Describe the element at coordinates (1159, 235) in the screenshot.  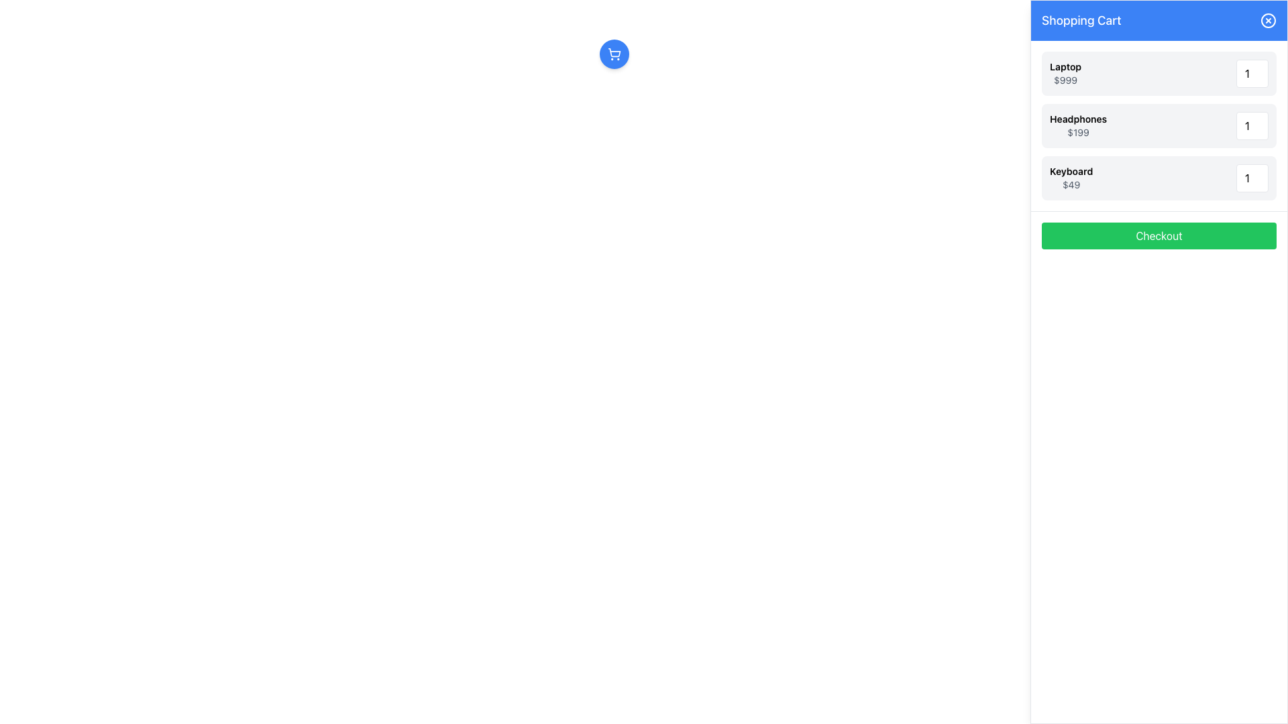
I see `the checkout button located at the bottom of the shopping cart panel` at that location.